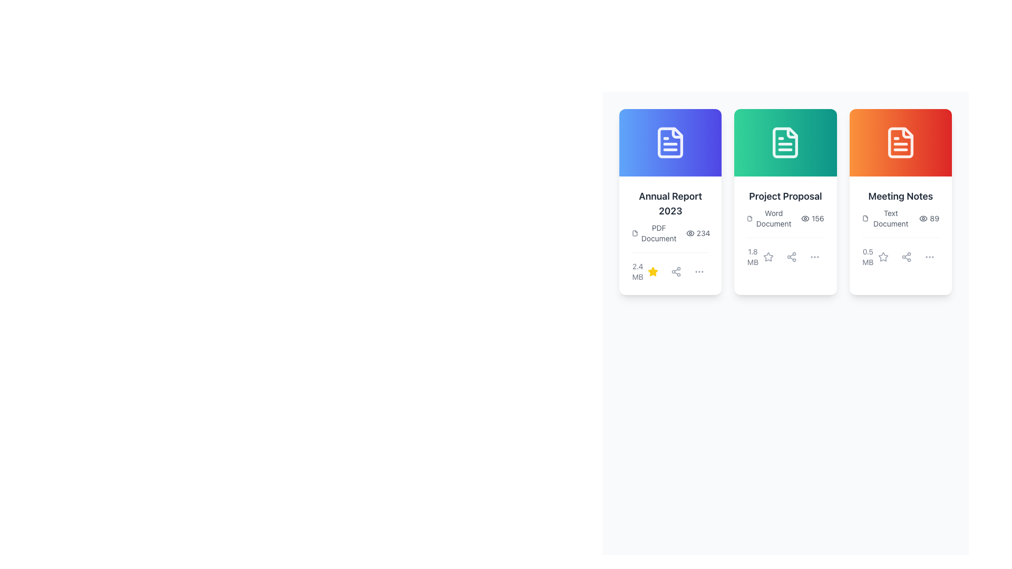 The image size is (1012, 569). What do you see at coordinates (883, 257) in the screenshot?
I see `the star icon in the 'Meeting Notes' card` at bounding box center [883, 257].